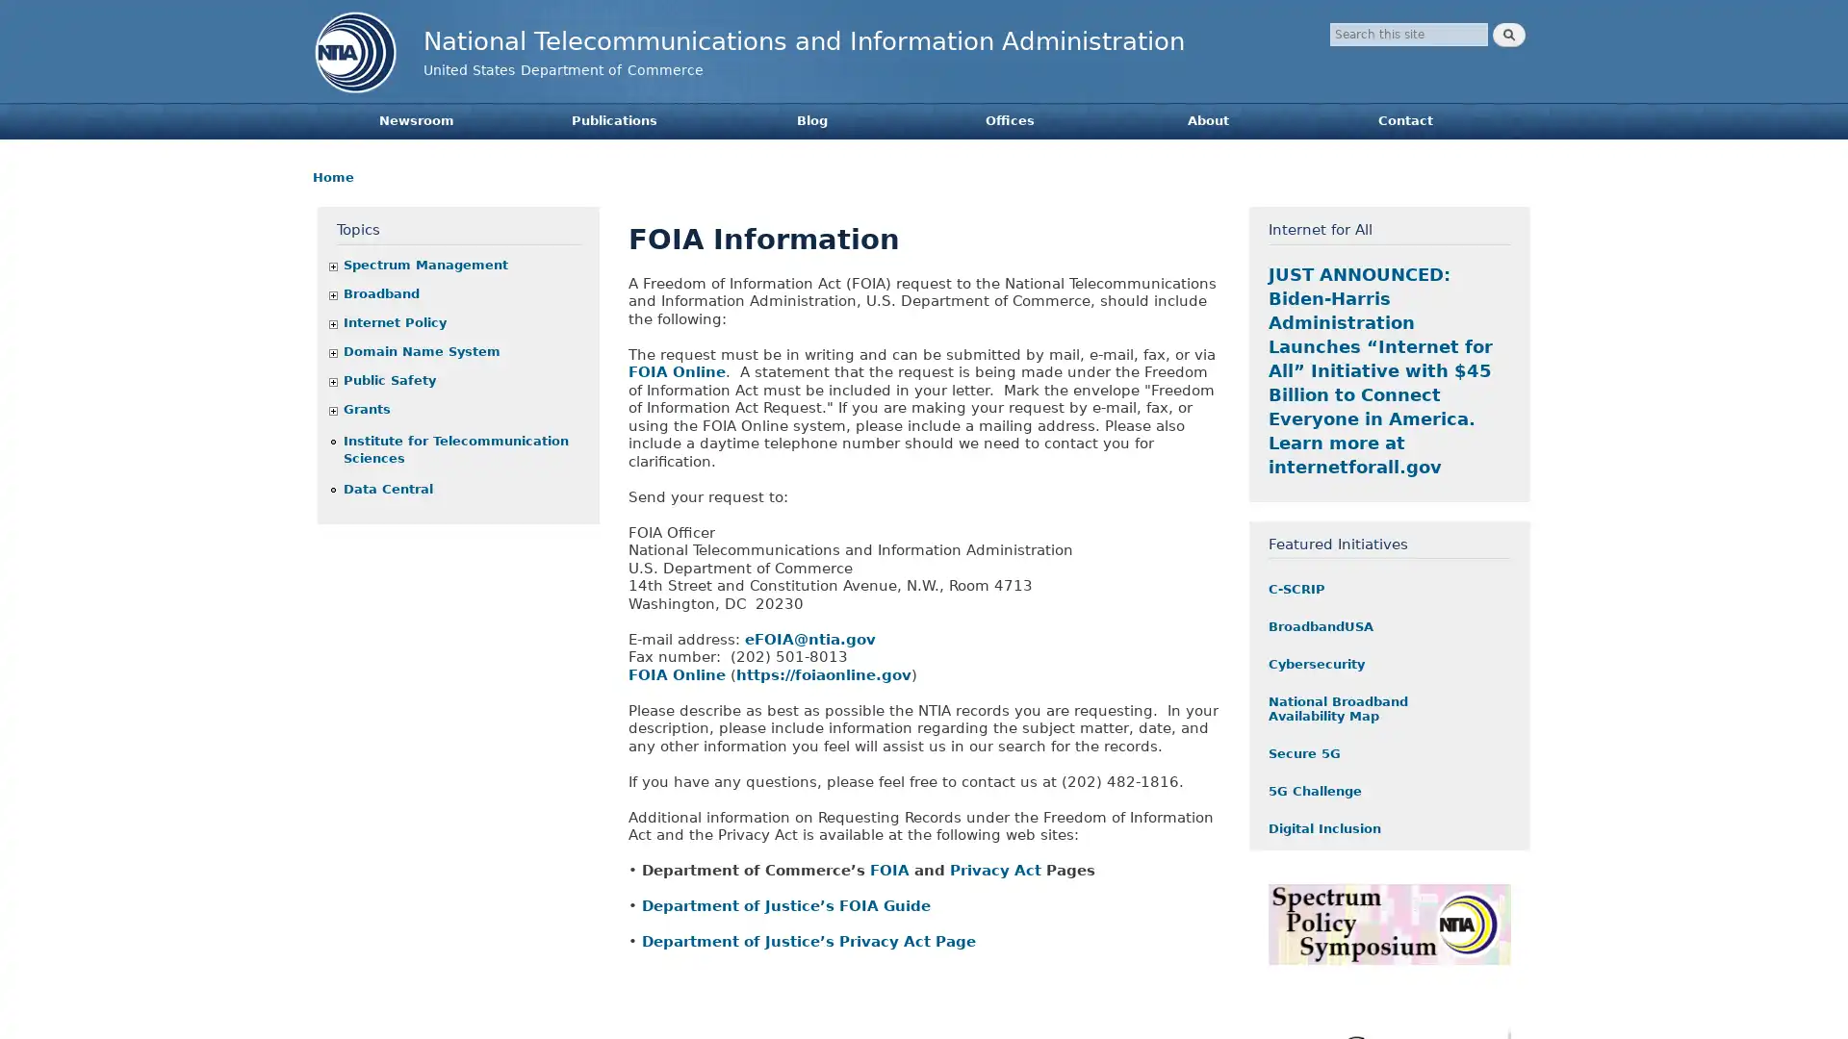 This screenshot has width=1848, height=1039. Describe the element at coordinates (1508, 35) in the screenshot. I see `Search` at that location.